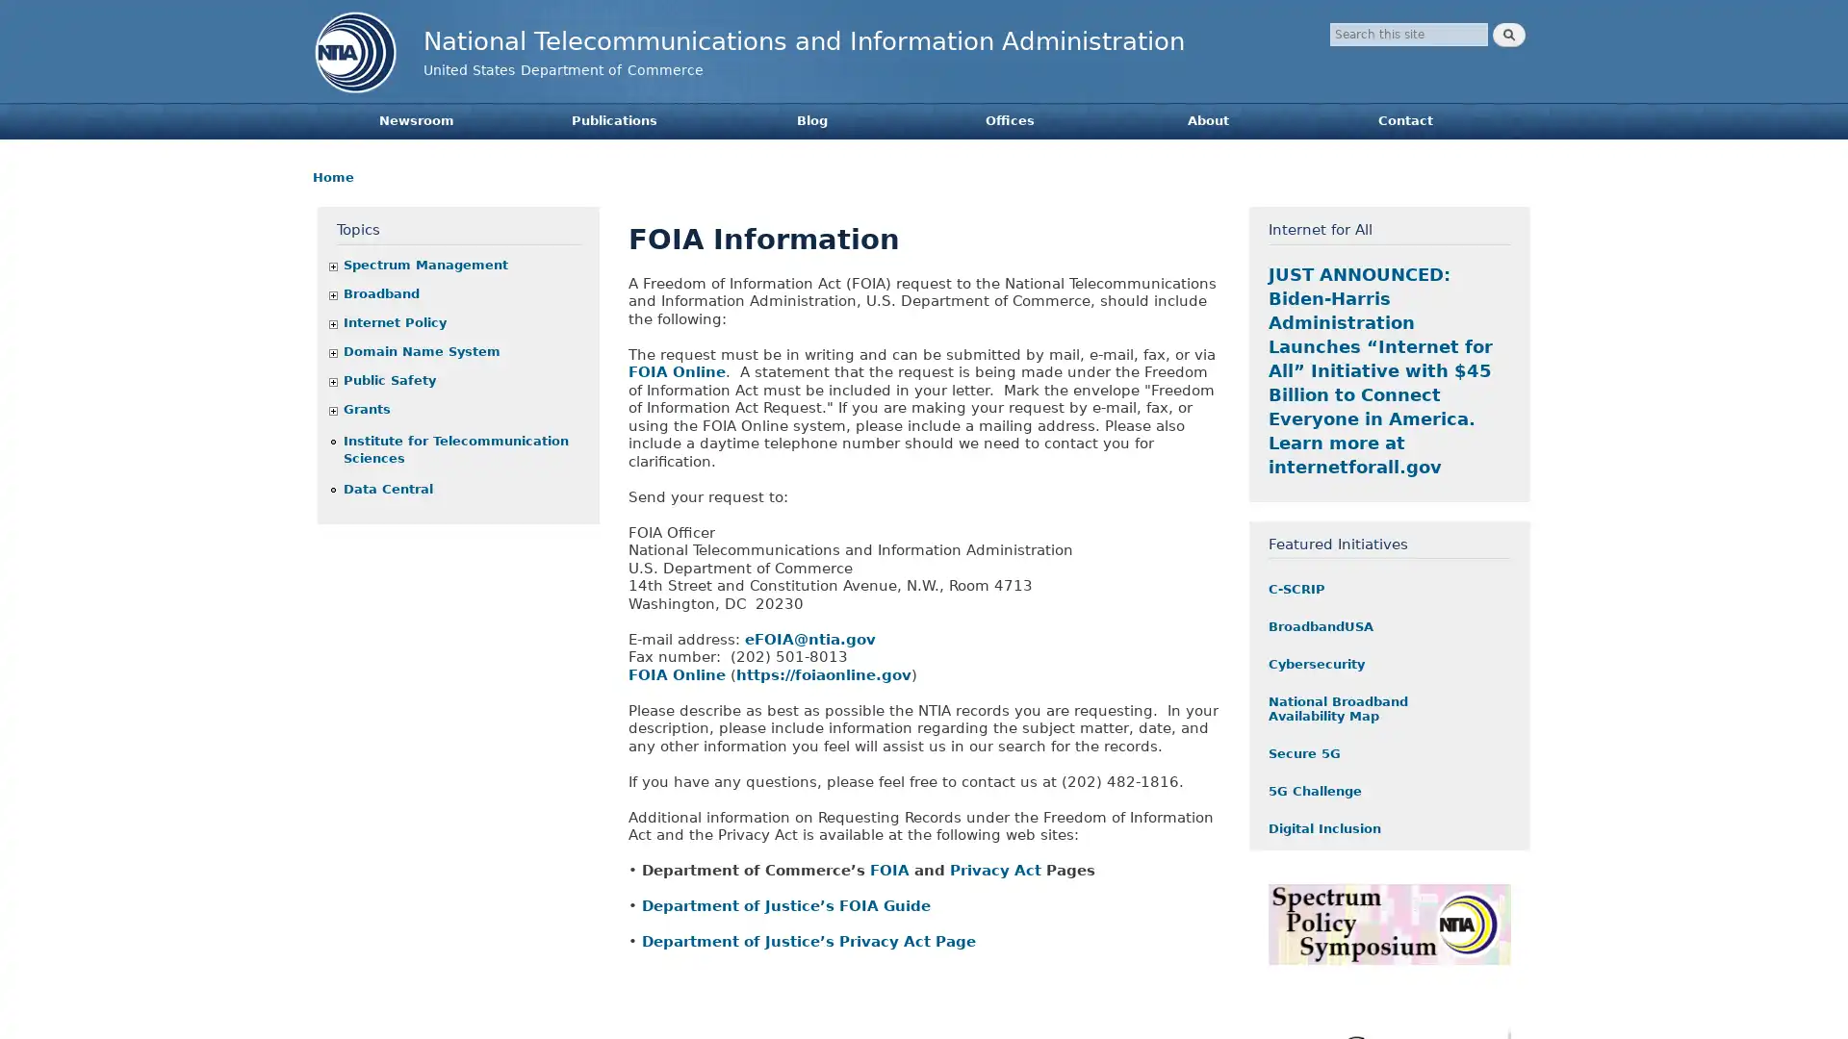 This screenshot has width=1848, height=1039. Describe the element at coordinates (1508, 35) in the screenshot. I see `Search` at that location.